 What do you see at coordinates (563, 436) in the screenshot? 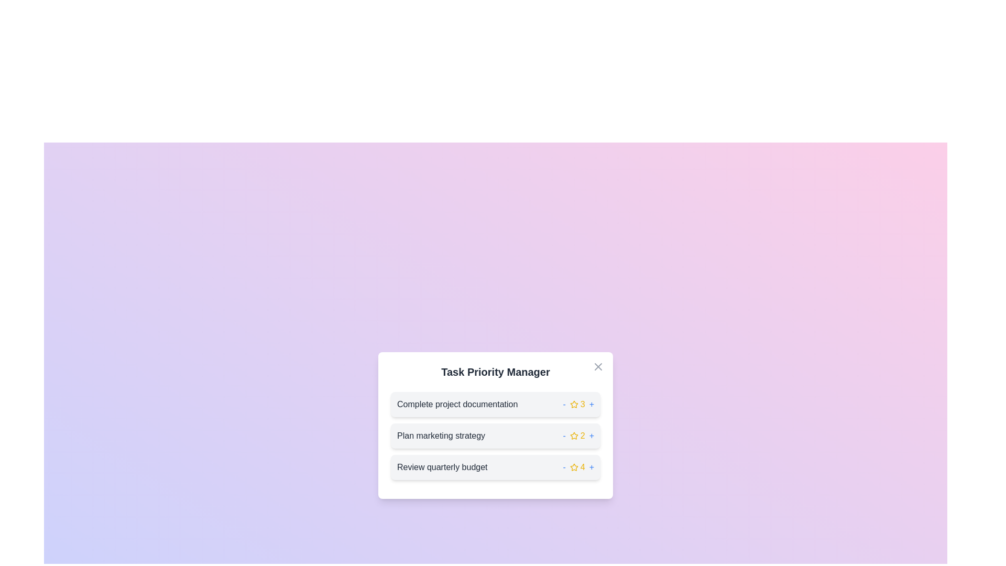
I see `minus button next to the task 'Plan marketing strategy' to decrease its priority` at bounding box center [563, 436].